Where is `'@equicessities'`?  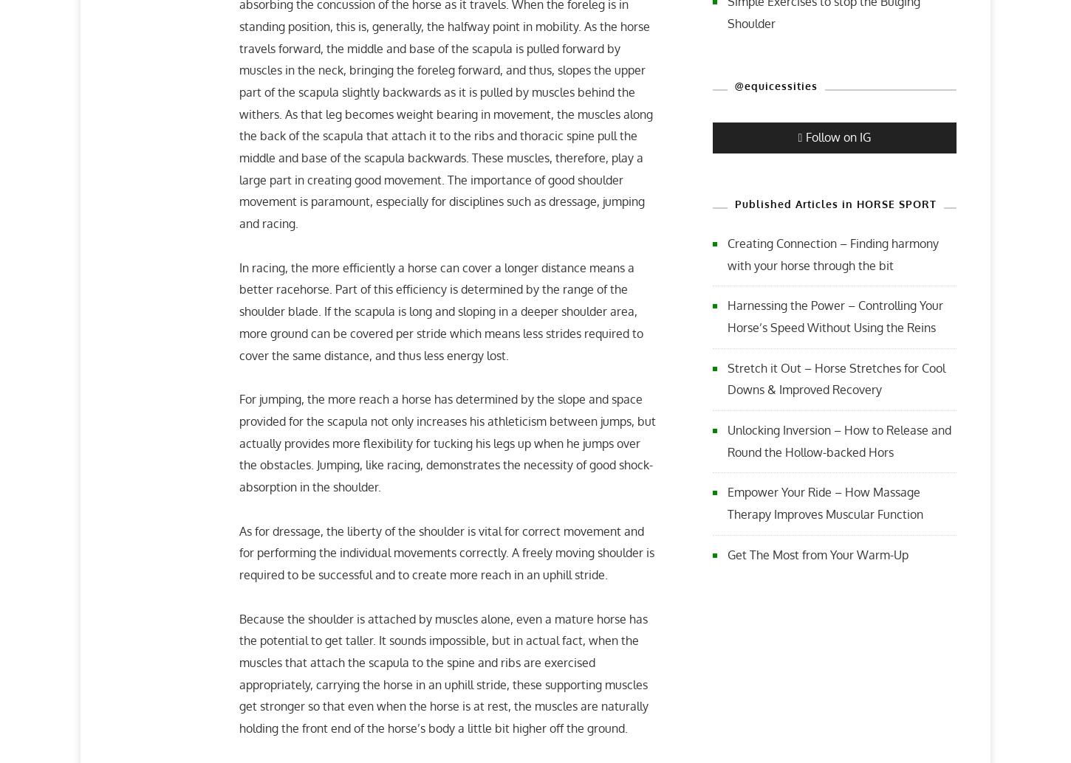 '@equicessities' is located at coordinates (734, 85).